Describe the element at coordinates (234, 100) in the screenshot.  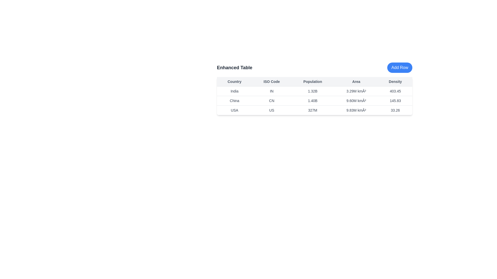
I see `the Text Label displaying the name 'China' located in the second row under the 'Country' column of the table` at that location.